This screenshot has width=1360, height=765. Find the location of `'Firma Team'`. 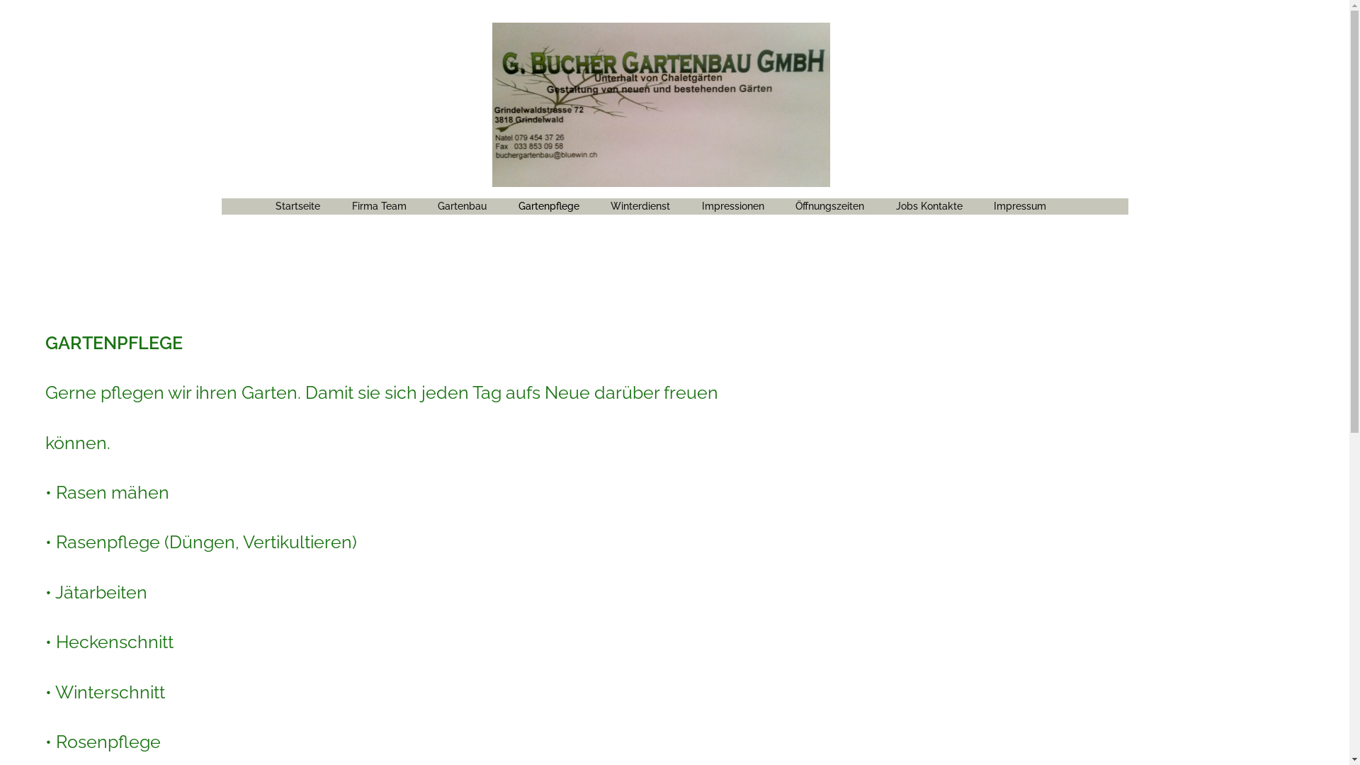

'Firma Team' is located at coordinates (379, 205).